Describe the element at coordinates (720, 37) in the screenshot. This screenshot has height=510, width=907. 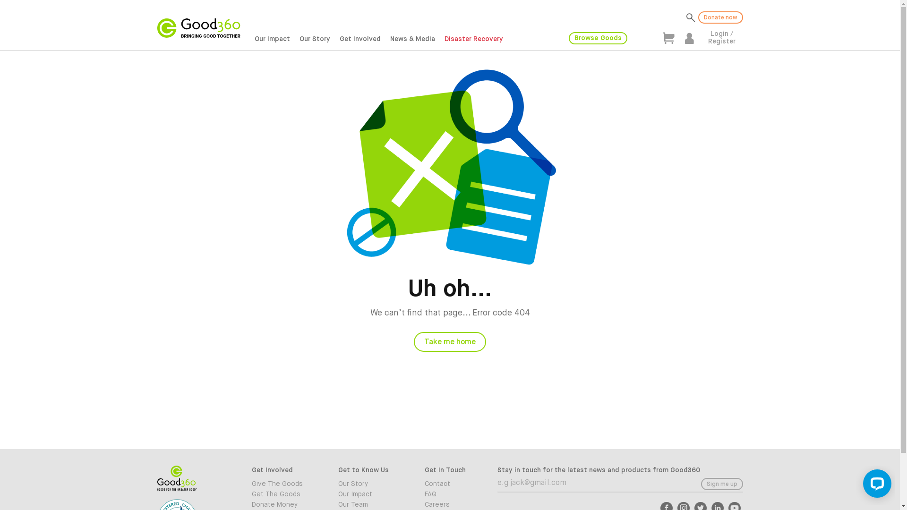
I see `'Login /` at that location.